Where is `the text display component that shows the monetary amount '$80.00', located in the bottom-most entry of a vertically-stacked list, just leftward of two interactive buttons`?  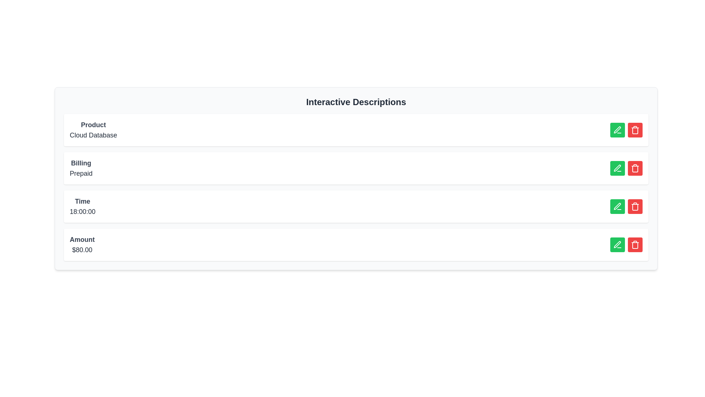
the text display component that shows the monetary amount '$80.00', located in the bottom-most entry of a vertically-stacked list, just leftward of two interactive buttons is located at coordinates (82, 245).